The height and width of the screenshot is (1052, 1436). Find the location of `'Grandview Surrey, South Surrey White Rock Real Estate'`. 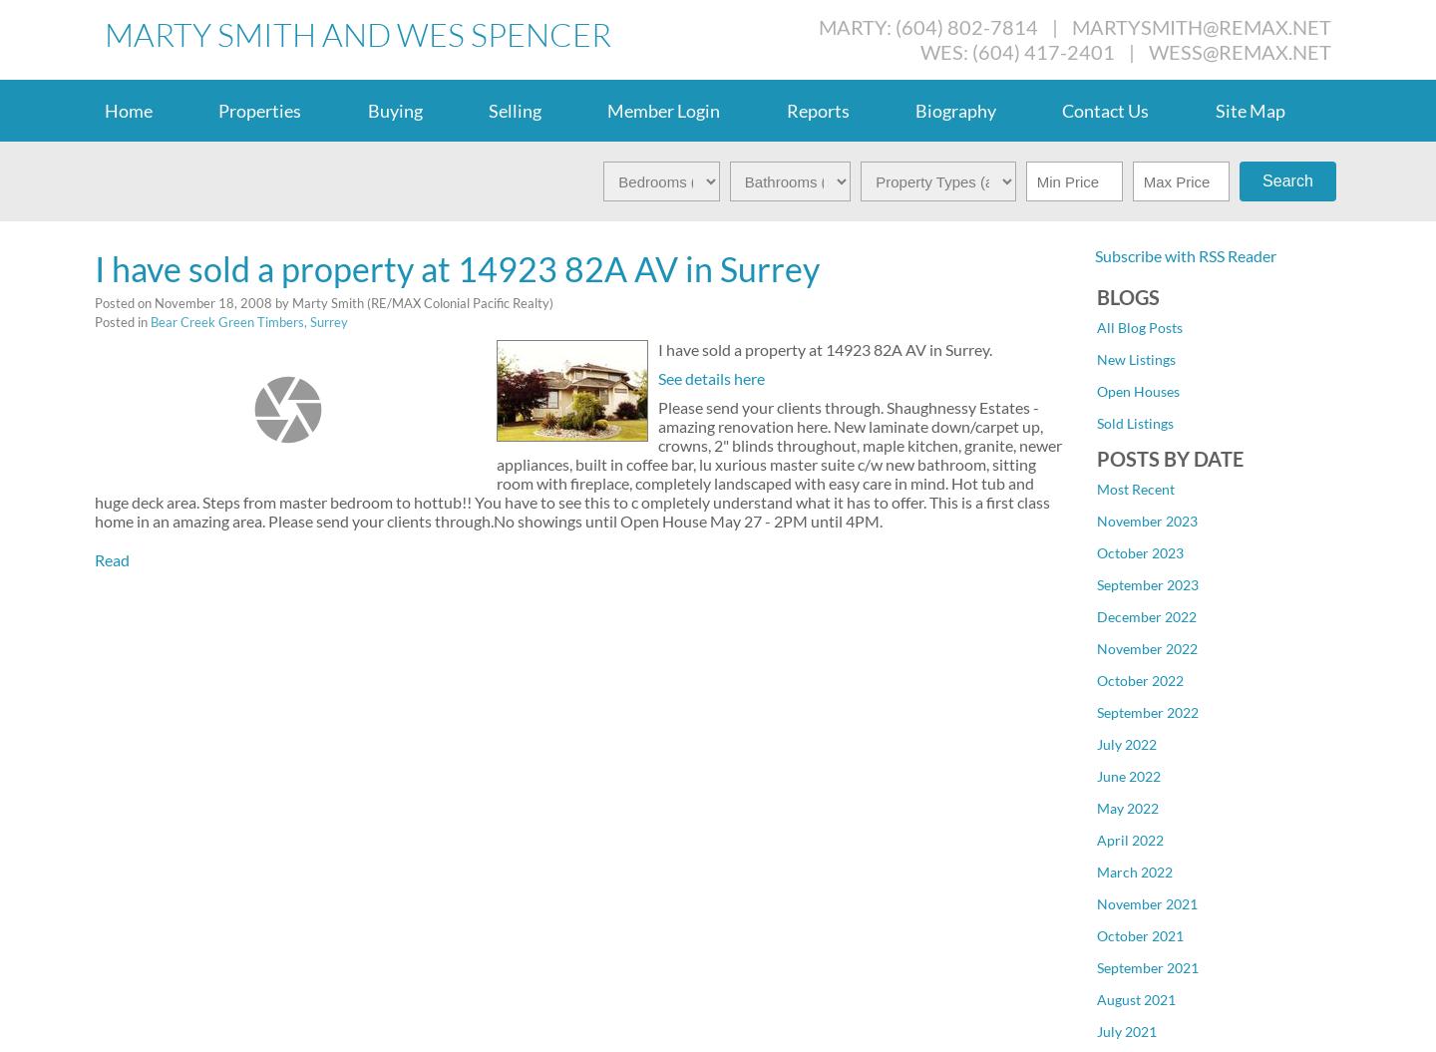

'Grandview Surrey, South Surrey White Rock Real Estate' is located at coordinates (1096, 655).